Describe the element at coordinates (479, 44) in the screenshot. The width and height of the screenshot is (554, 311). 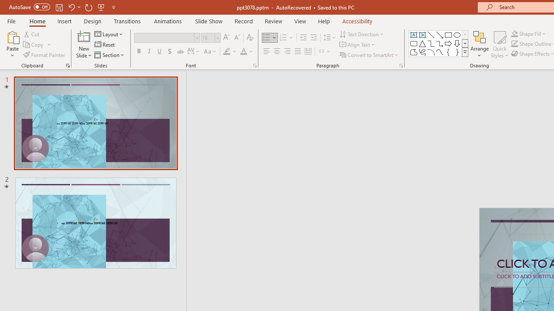
I see `'Arrange'` at that location.